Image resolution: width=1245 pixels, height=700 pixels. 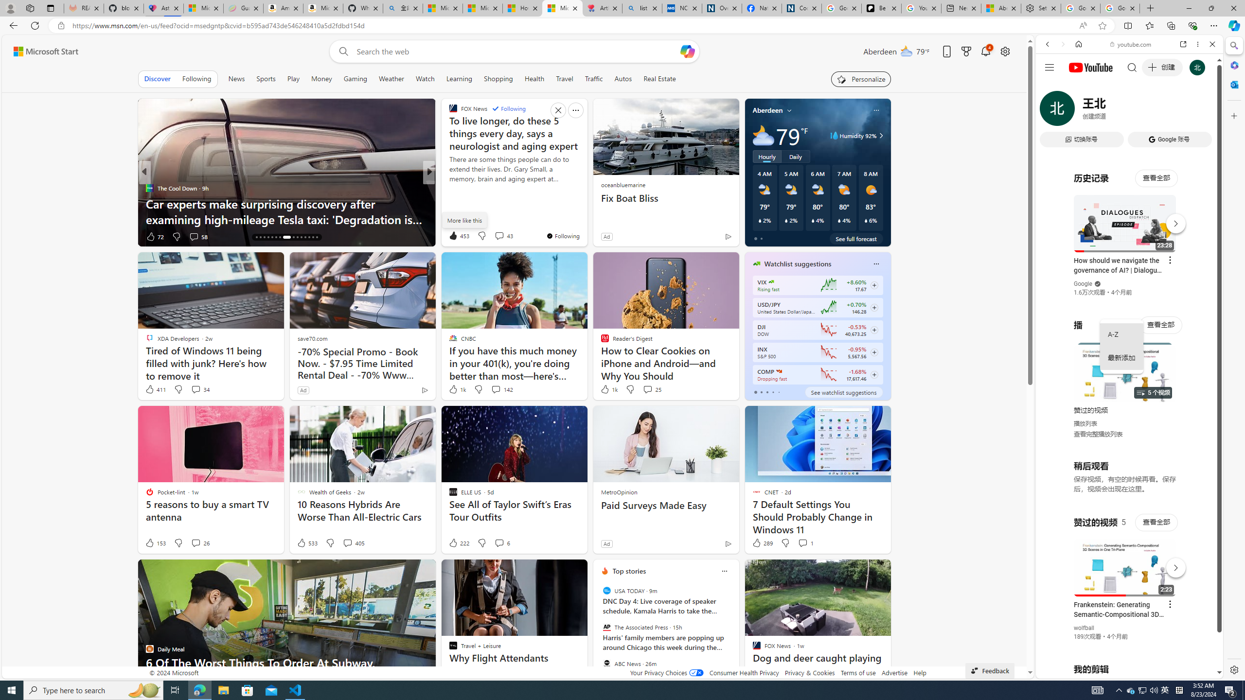 What do you see at coordinates (763, 135) in the screenshot?
I see `'Mostly cloudy'` at bounding box center [763, 135].